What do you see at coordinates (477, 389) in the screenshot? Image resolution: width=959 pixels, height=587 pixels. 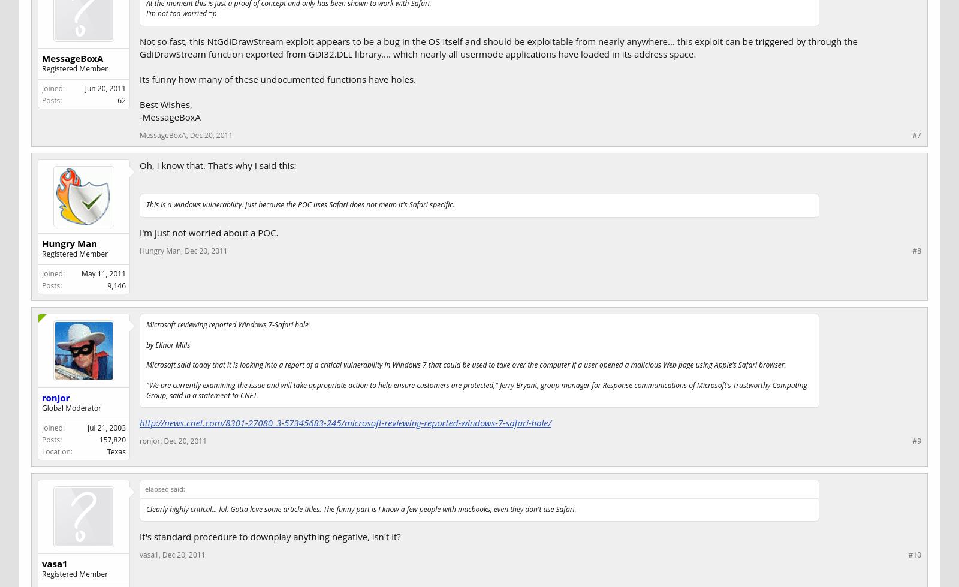 I see `'"We are currently examining the issue and will take appropriate action to help ensure customers are protected," Jerry Bryant, group manager for Response communications of Microsoft's Trustworthy Computing Group, said in a statement to CNET.'` at bounding box center [477, 389].